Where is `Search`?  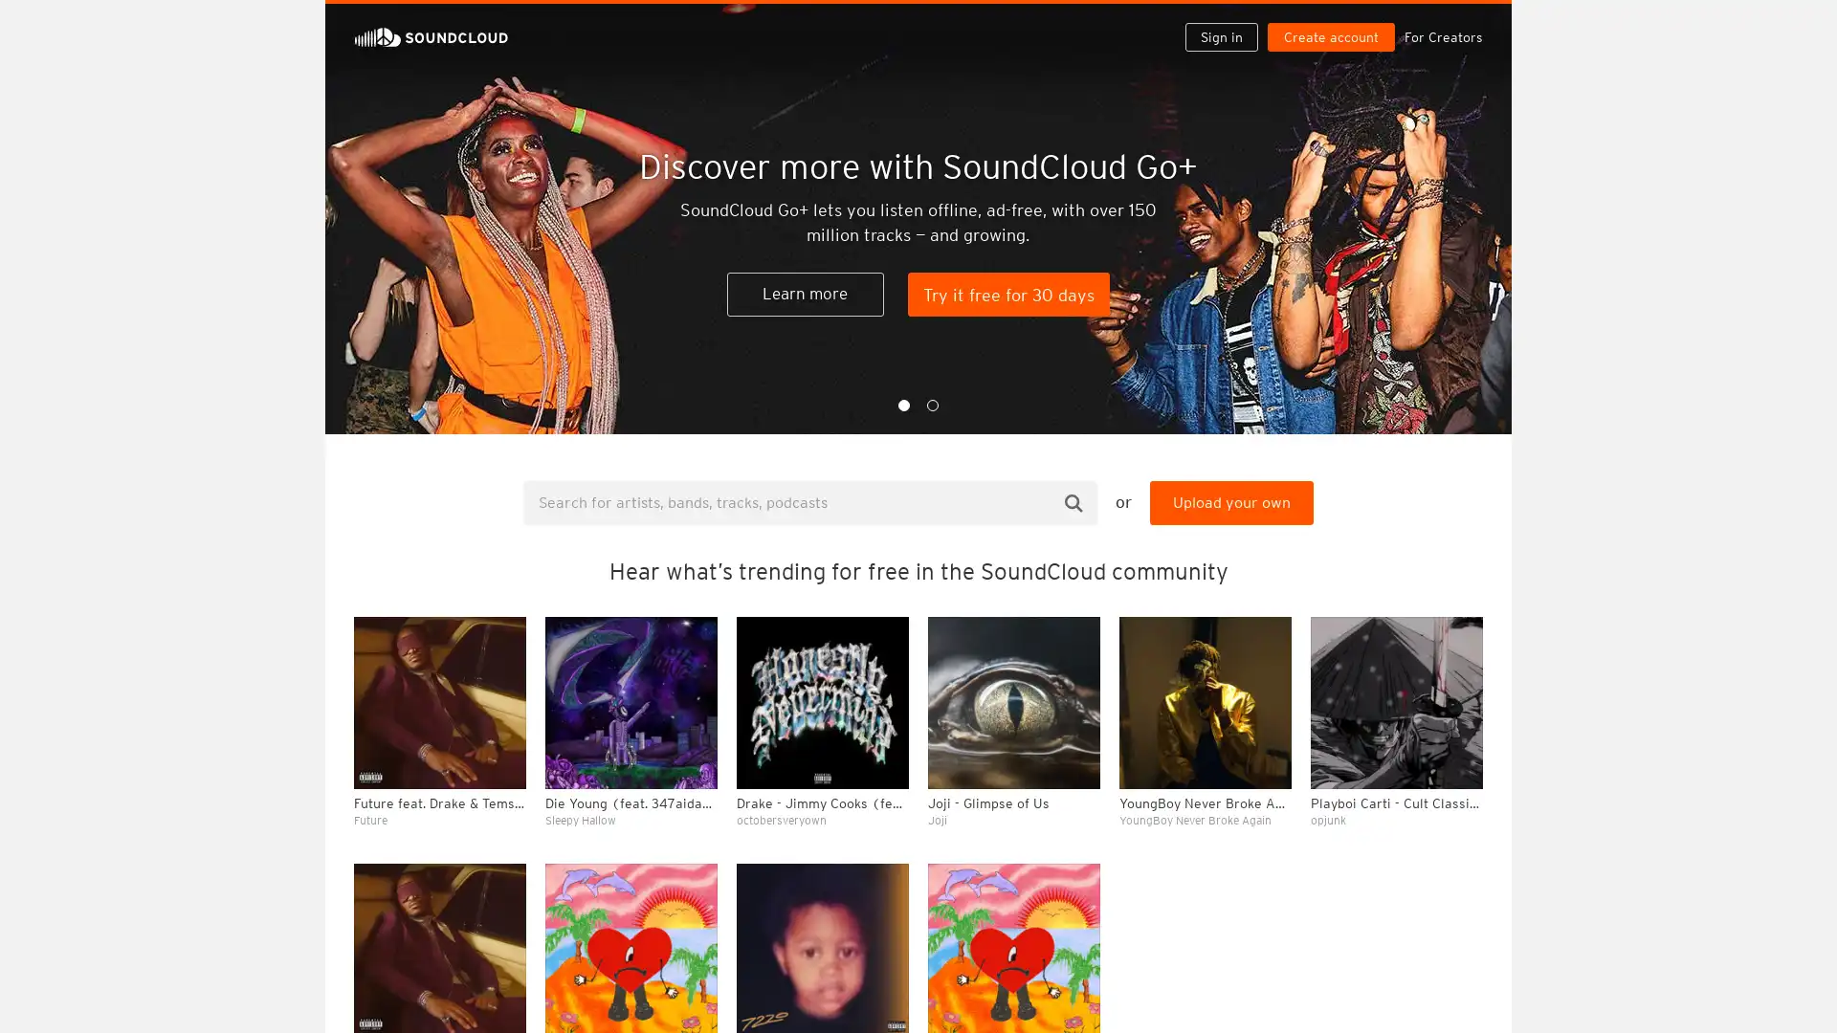 Search is located at coordinates (1160, 21).